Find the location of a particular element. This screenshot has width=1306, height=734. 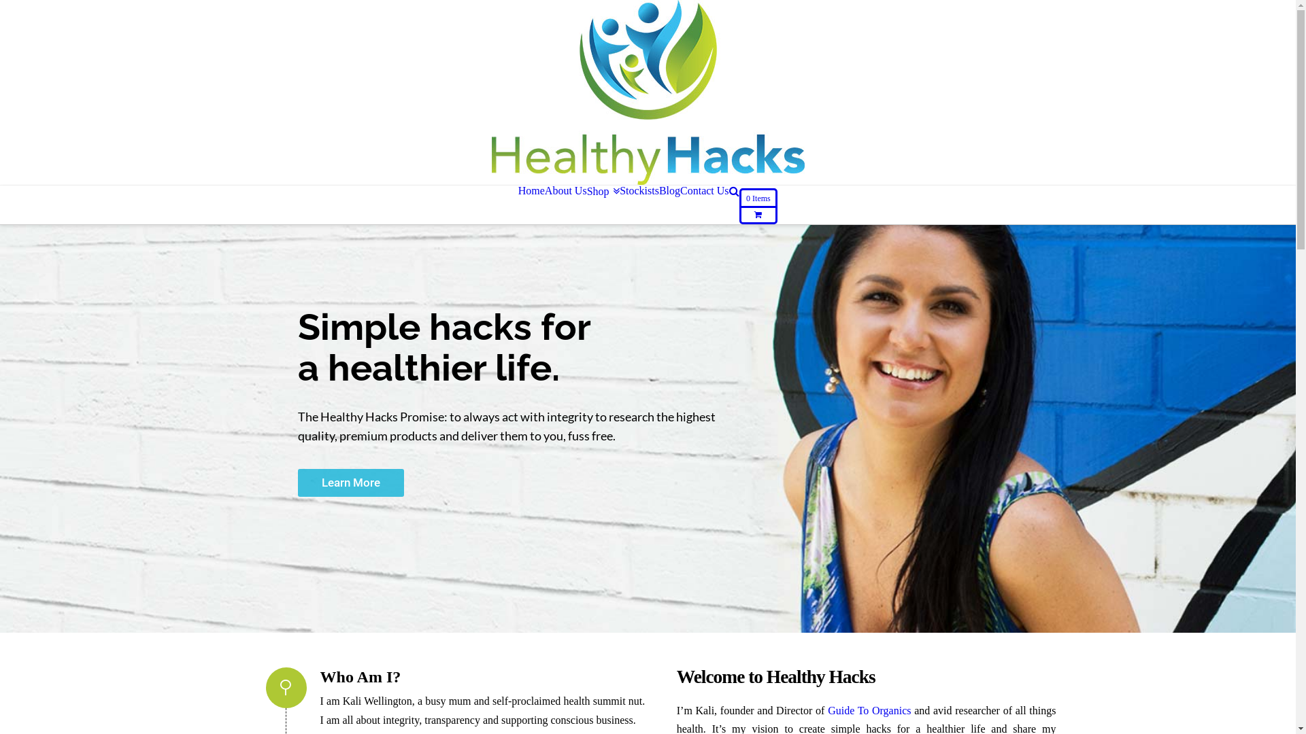

'Stockists' is located at coordinates (639, 191).